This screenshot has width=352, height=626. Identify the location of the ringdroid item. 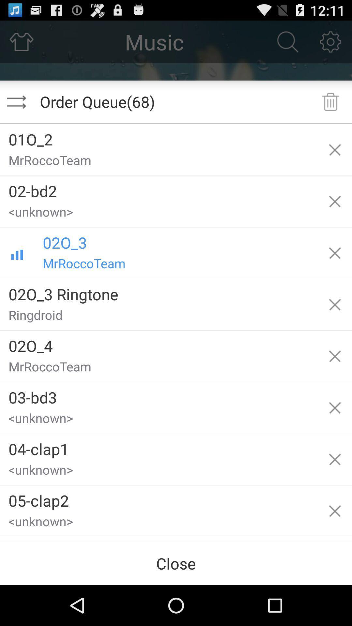
(159, 317).